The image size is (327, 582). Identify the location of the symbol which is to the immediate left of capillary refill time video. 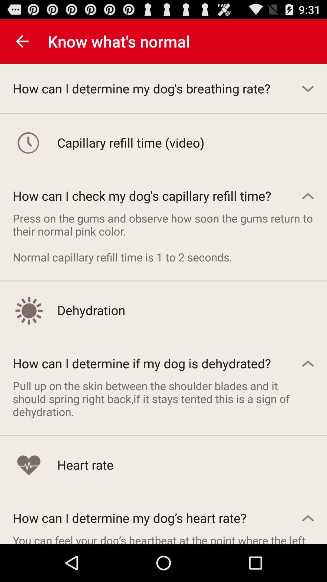
(28, 142).